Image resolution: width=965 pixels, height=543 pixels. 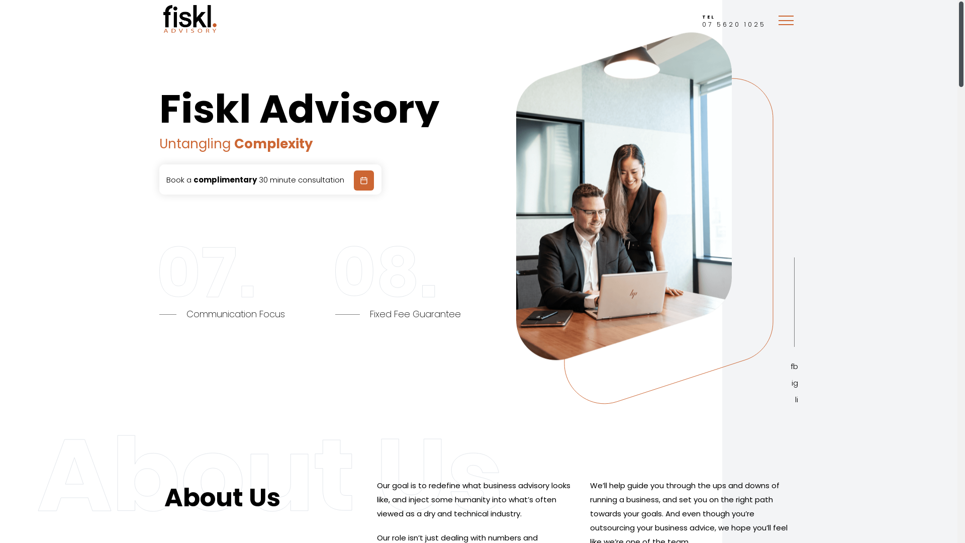 I want to click on 'ig', so click(x=794, y=383).